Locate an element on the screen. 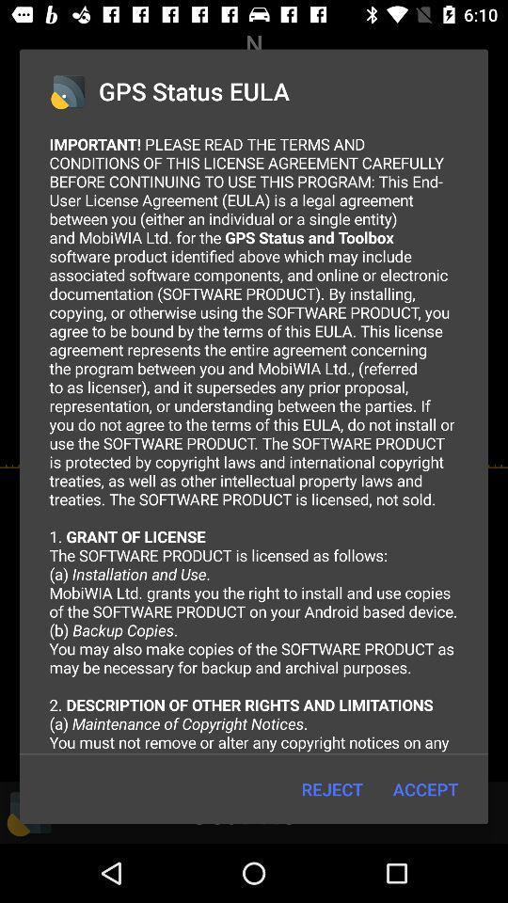 Image resolution: width=508 pixels, height=903 pixels. icon below important please read icon is located at coordinates (425, 789).